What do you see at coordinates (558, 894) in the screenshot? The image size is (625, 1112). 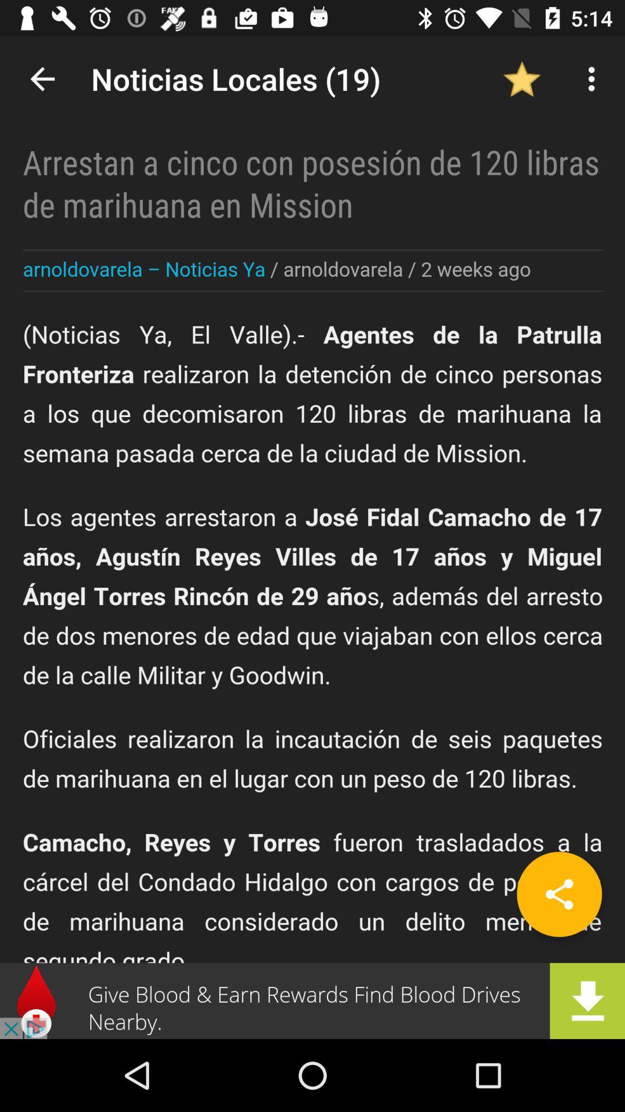 I see `the share icon` at bounding box center [558, 894].